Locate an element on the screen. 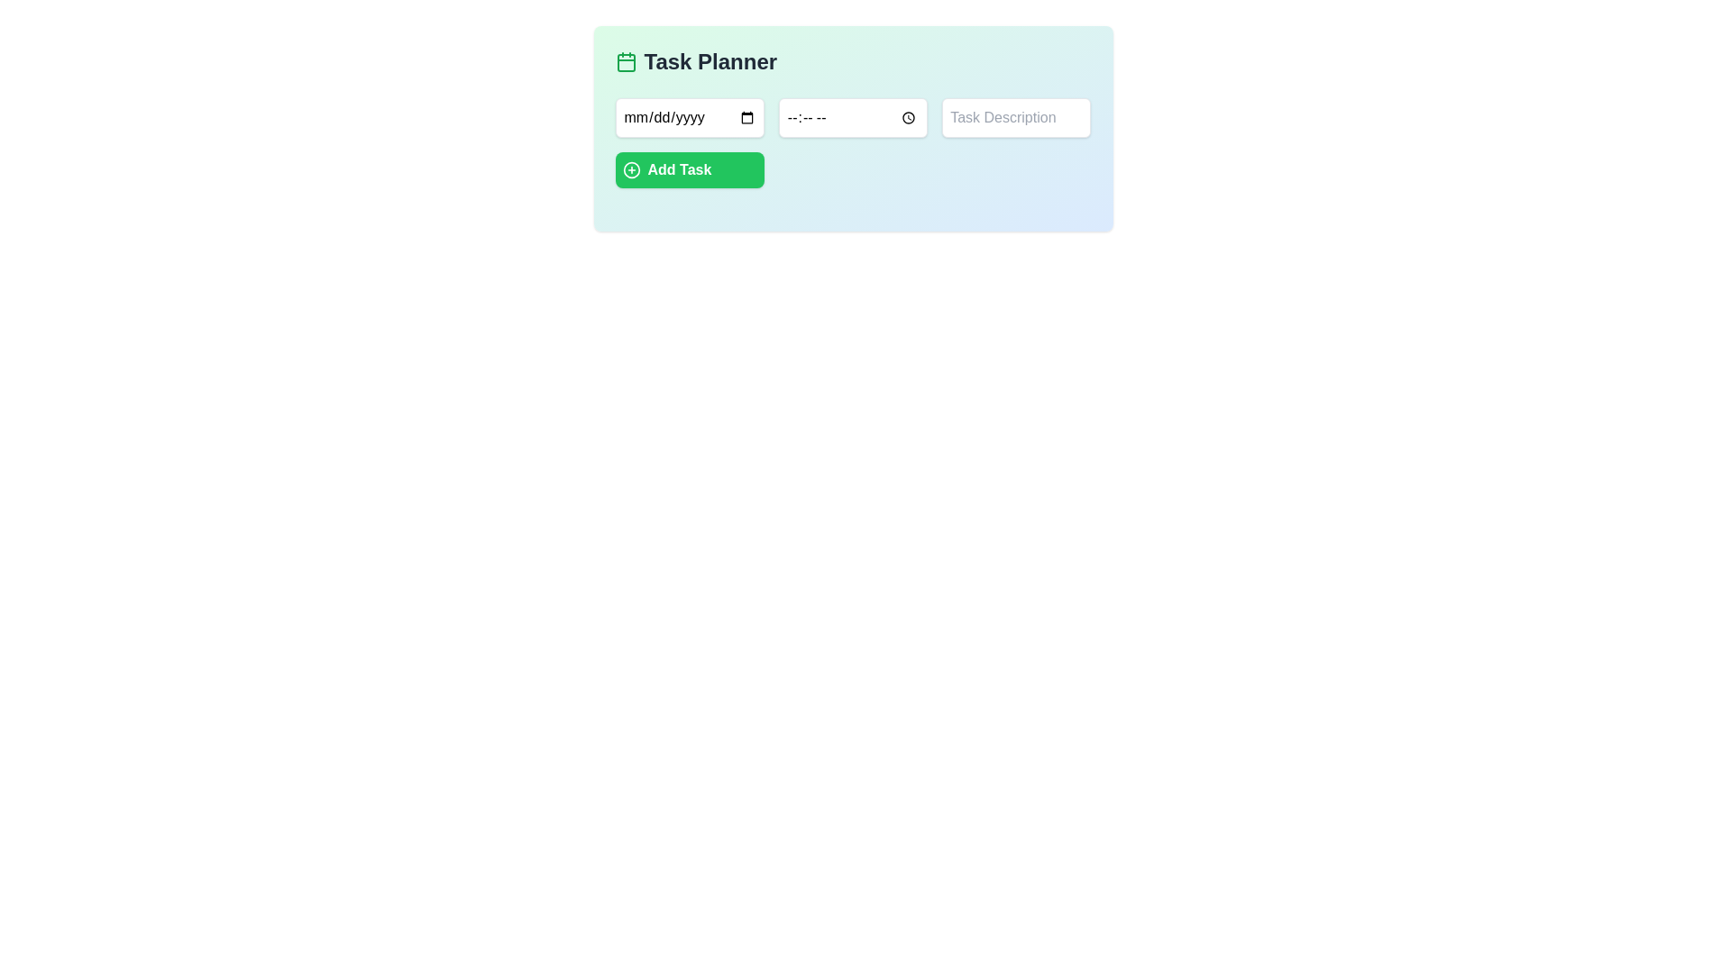  the Time input field to focus it, which is centrally located between the date input field and the task description input field in the top section of the interface is located at coordinates (852, 118).